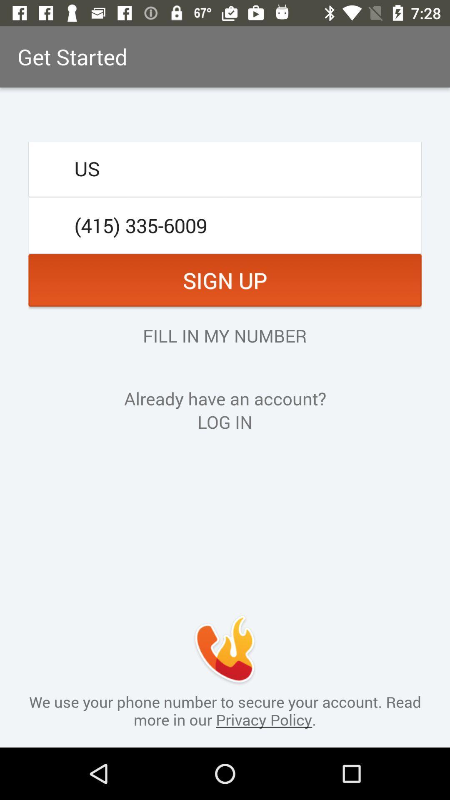  What do you see at coordinates (225, 280) in the screenshot?
I see `the sign up` at bounding box center [225, 280].